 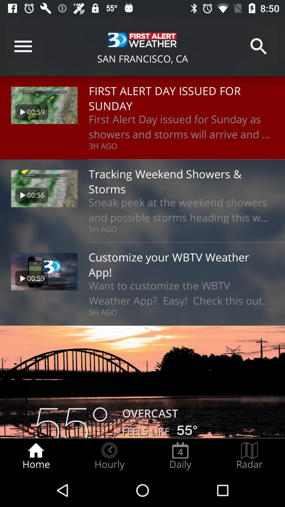 I want to click on daily radio button, so click(x=180, y=456).